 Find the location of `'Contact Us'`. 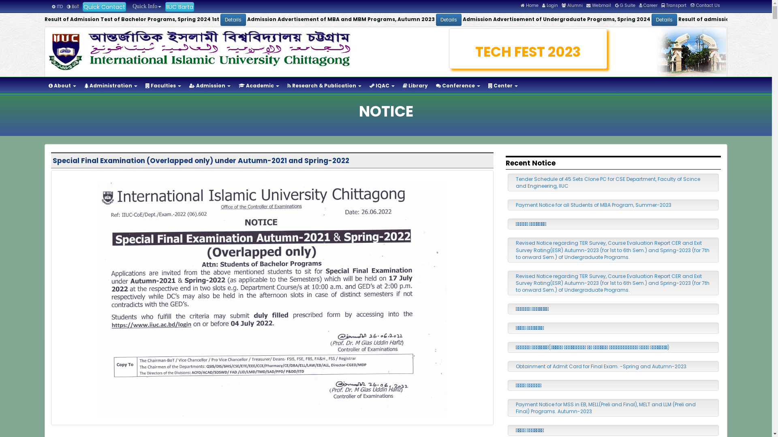

'Contact Us' is located at coordinates (705, 5).